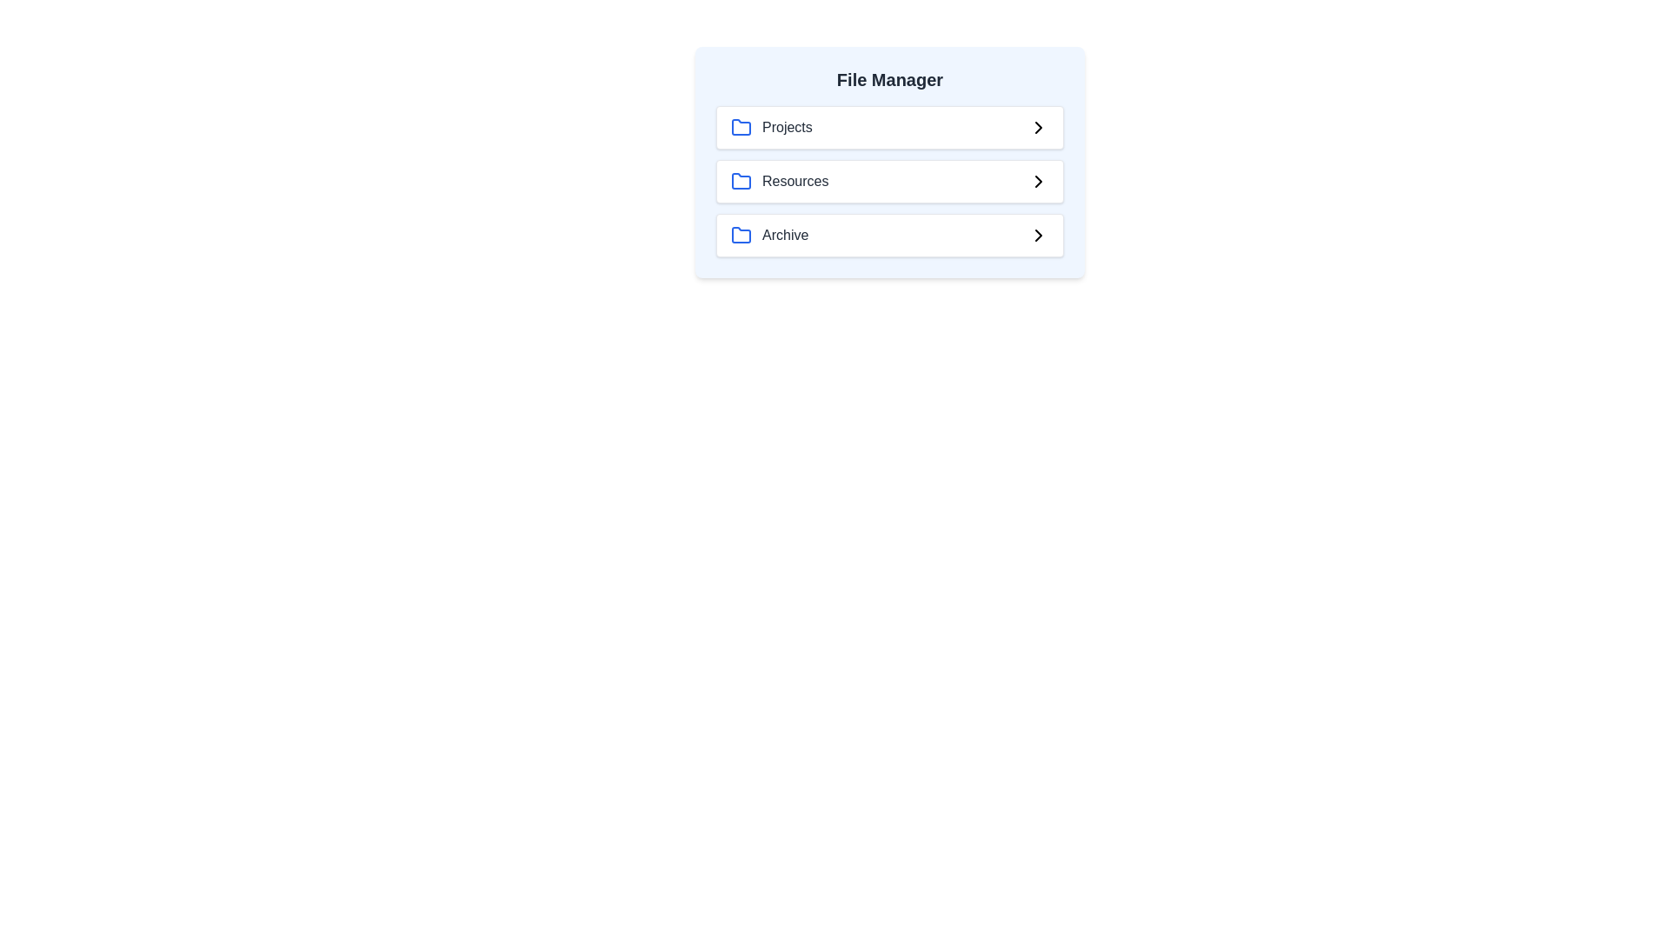 This screenshot has width=1669, height=939. I want to click on the right arrow icon that is styled with a thin line and positioned to the right of the 'Resources' text in a vertically stacked list, so click(1039, 181).